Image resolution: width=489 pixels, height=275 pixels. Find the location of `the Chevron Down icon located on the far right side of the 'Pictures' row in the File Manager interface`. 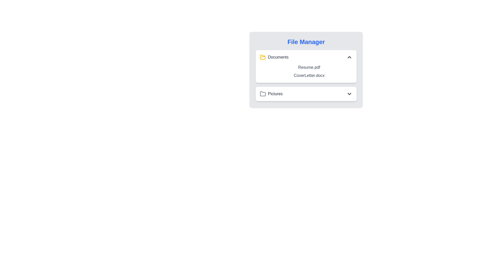

the Chevron Down icon located on the far right side of the 'Pictures' row in the File Manager interface is located at coordinates (349, 94).